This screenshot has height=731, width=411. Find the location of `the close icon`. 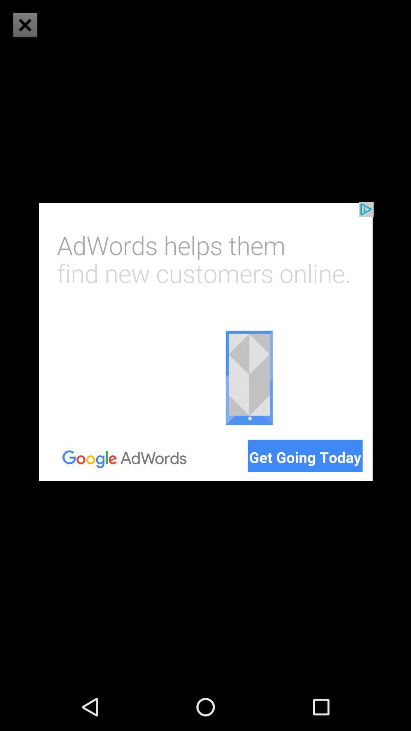

the close icon is located at coordinates (24, 27).